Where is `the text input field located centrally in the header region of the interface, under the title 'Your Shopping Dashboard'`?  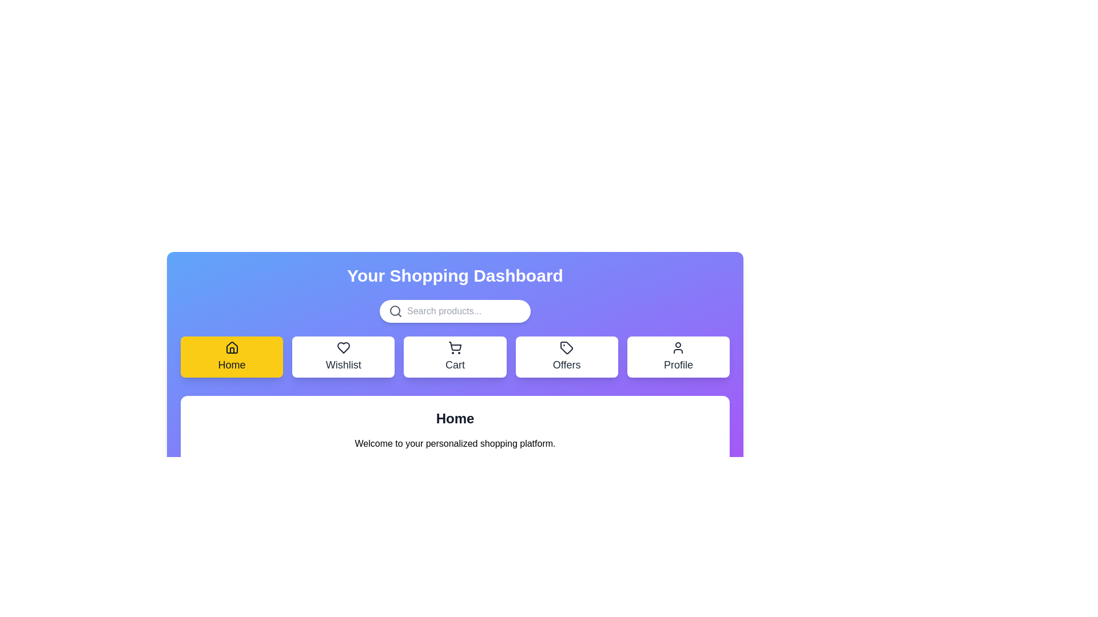
the text input field located centrally in the header region of the interface, under the title 'Your Shopping Dashboard' is located at coordinates (464, 311).